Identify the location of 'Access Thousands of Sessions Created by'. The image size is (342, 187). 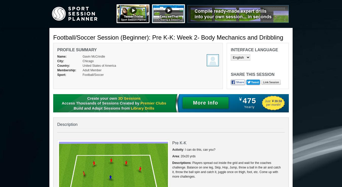
(101, 103).